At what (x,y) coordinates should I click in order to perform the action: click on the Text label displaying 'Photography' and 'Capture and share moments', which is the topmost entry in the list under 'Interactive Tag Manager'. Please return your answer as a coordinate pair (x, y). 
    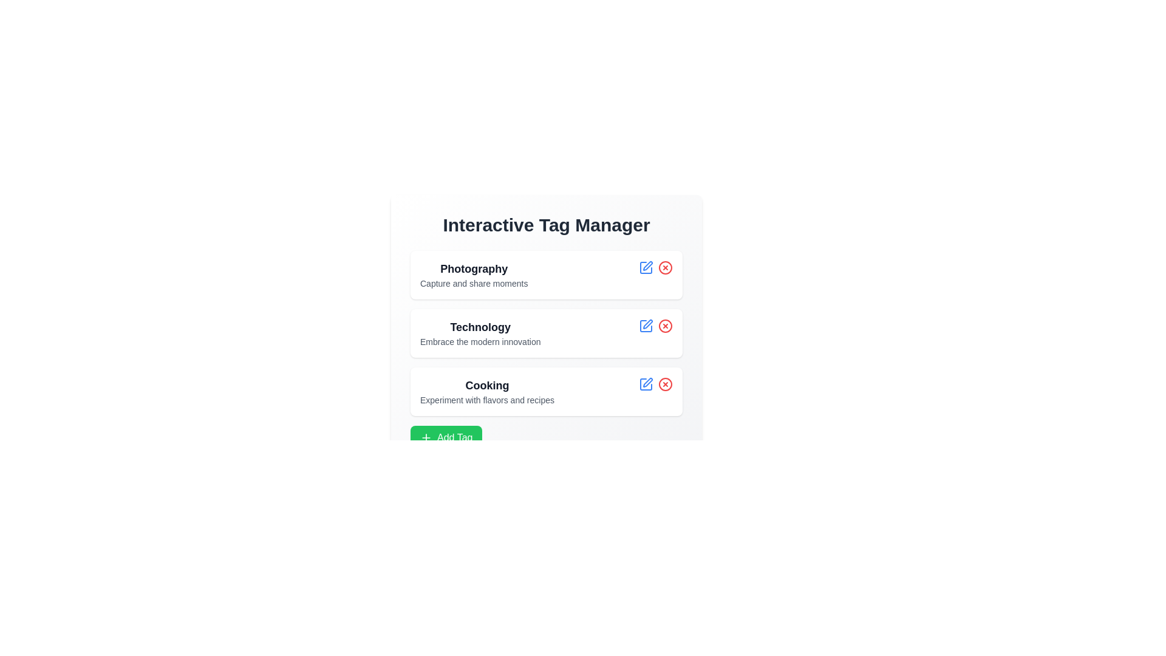
    Looking at the image, I should click on (473, 275).